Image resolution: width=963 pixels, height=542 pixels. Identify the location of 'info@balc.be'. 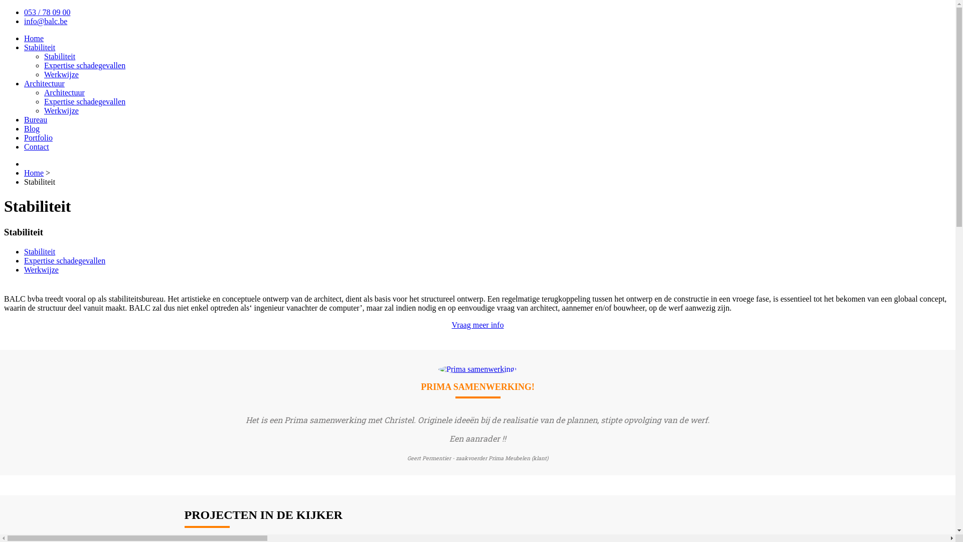
(45, 21).